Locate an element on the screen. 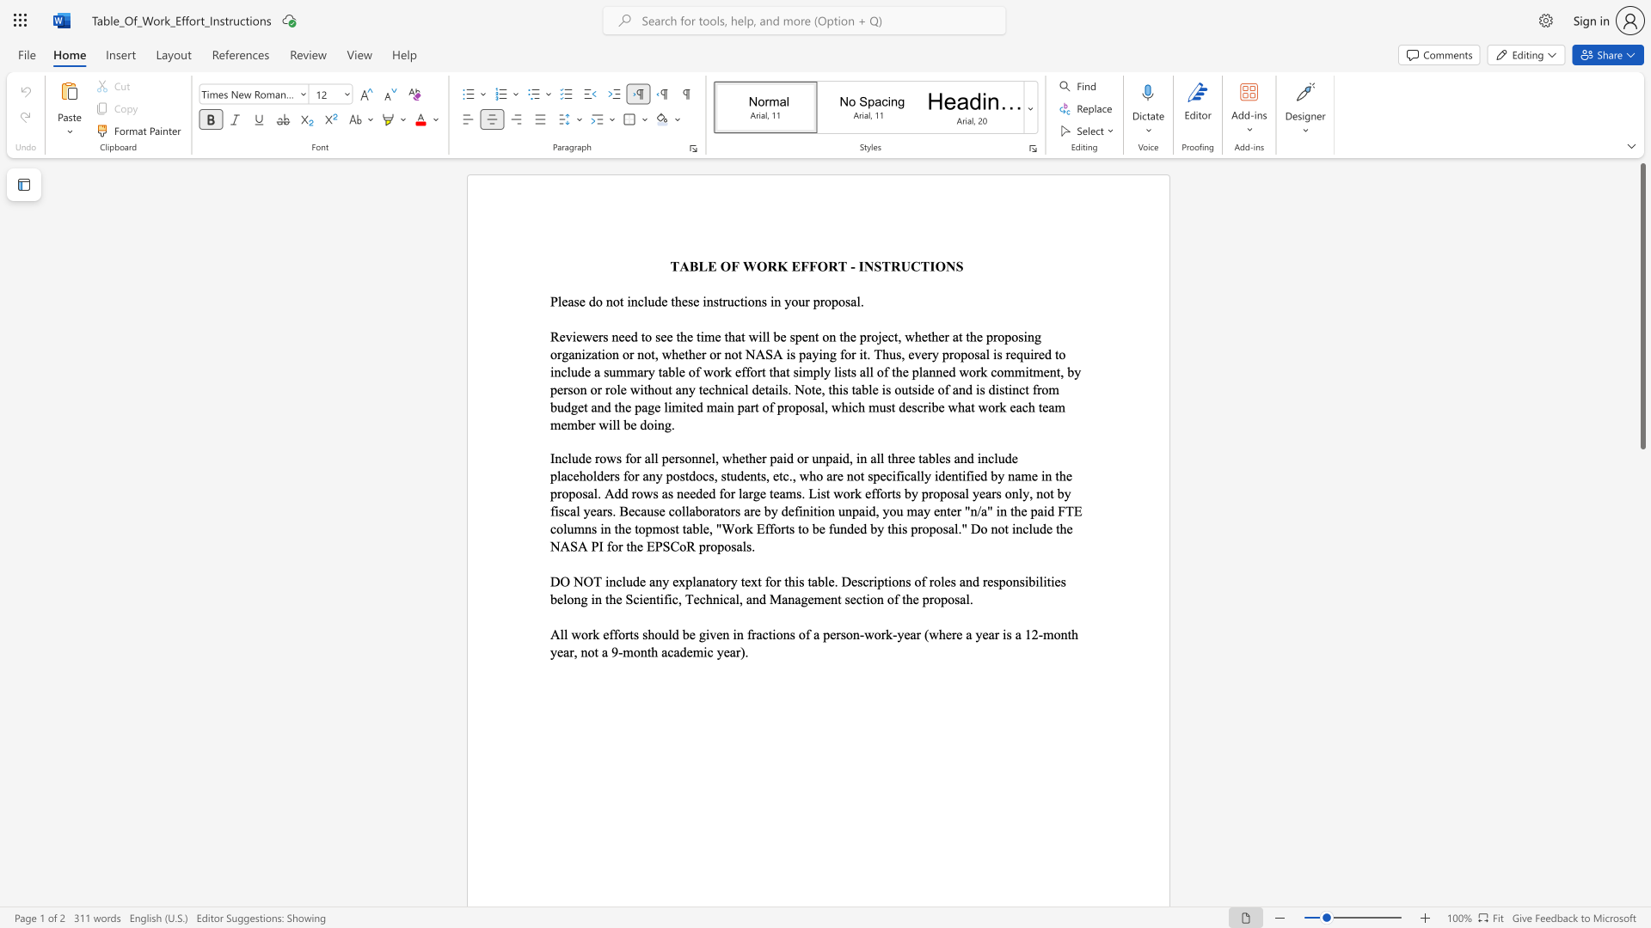  the scrollbar to move the page downward is located at coordinates (1642, 480).